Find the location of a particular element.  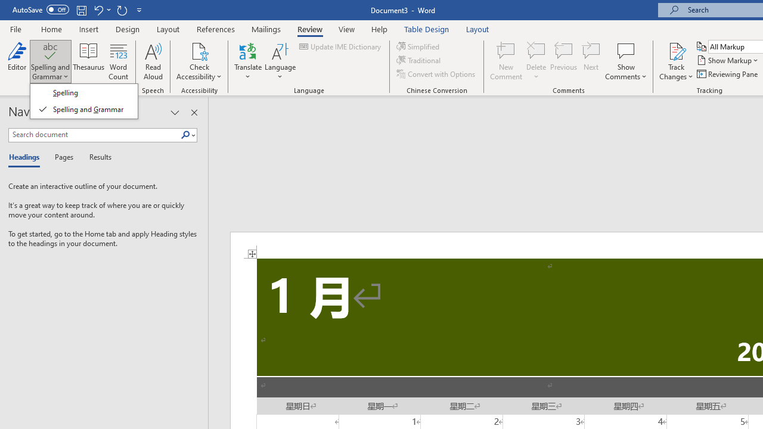

'Traditional' is located at coordinates (420, 60).